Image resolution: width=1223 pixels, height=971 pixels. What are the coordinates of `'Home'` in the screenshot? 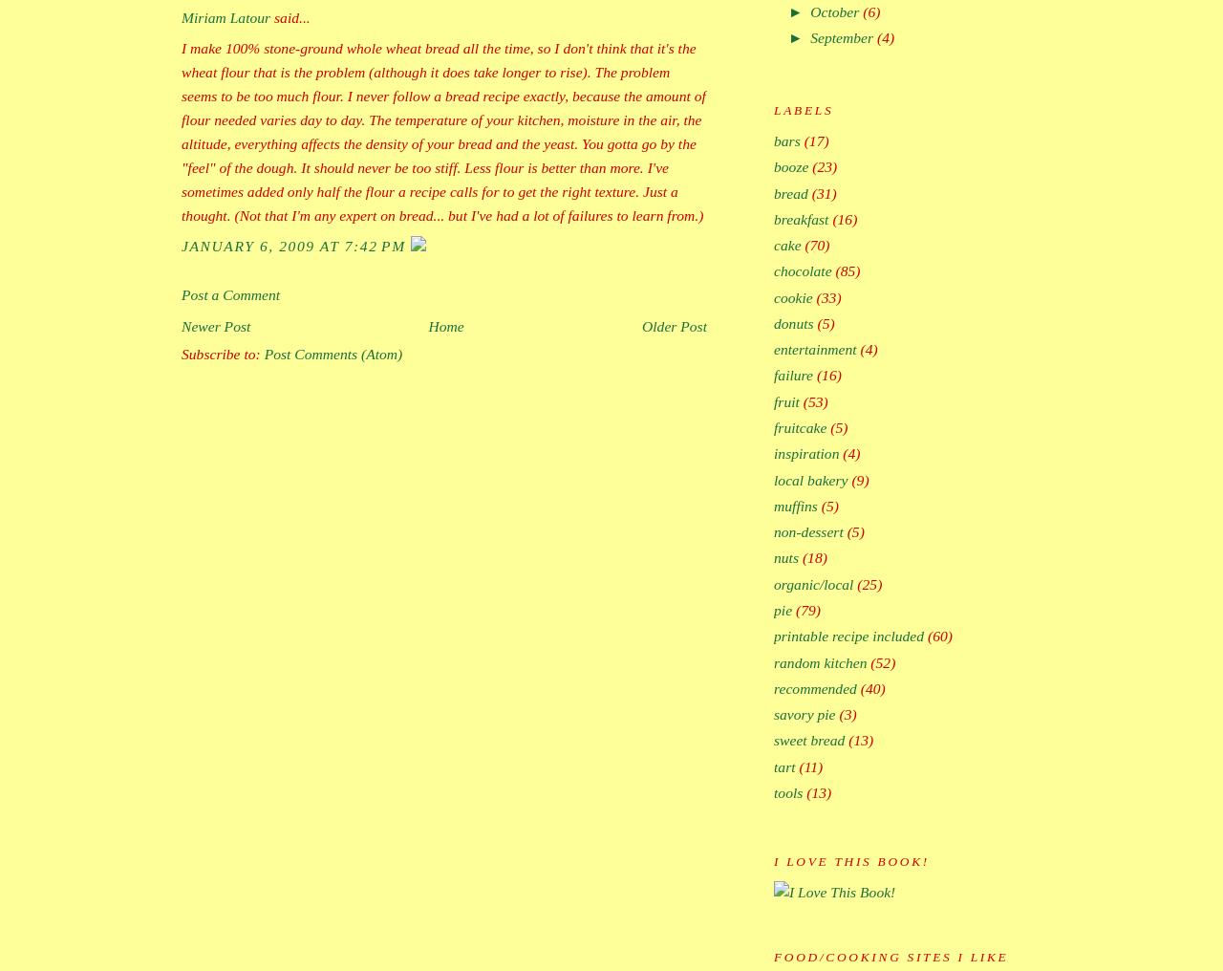 It's located at (444, 326).